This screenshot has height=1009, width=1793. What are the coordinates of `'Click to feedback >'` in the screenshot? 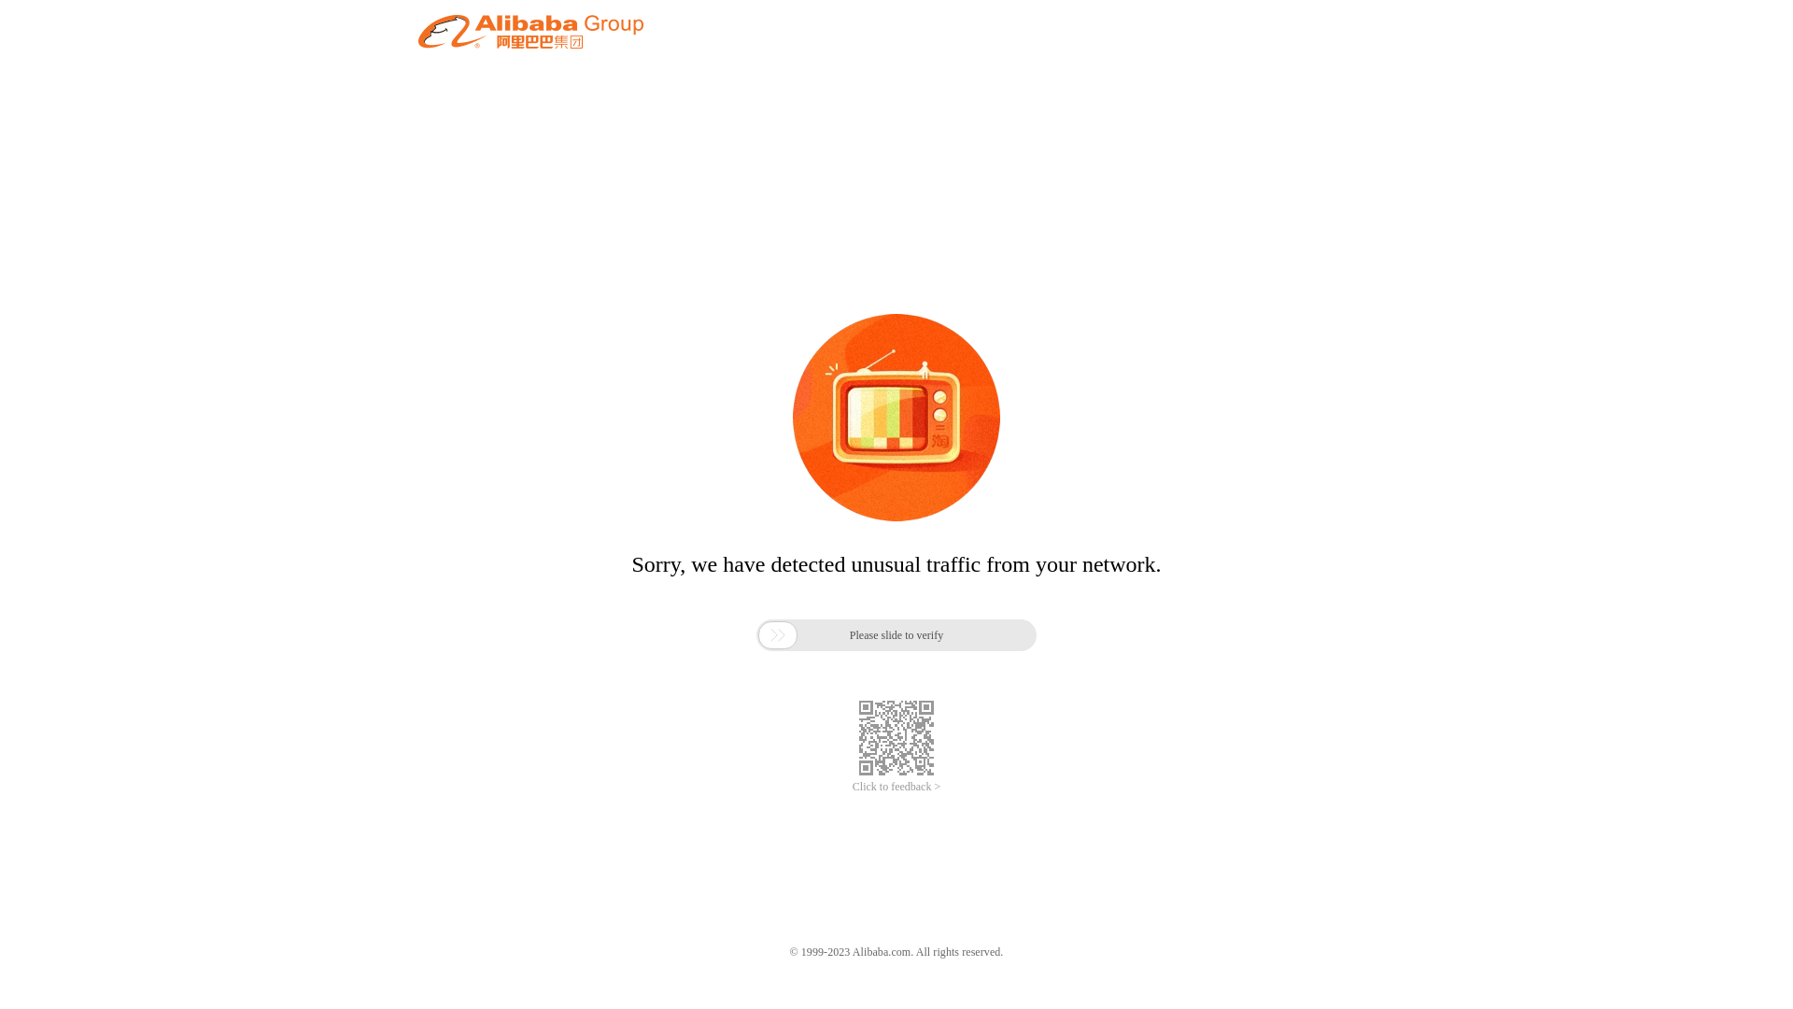 It's located at (896, 787).